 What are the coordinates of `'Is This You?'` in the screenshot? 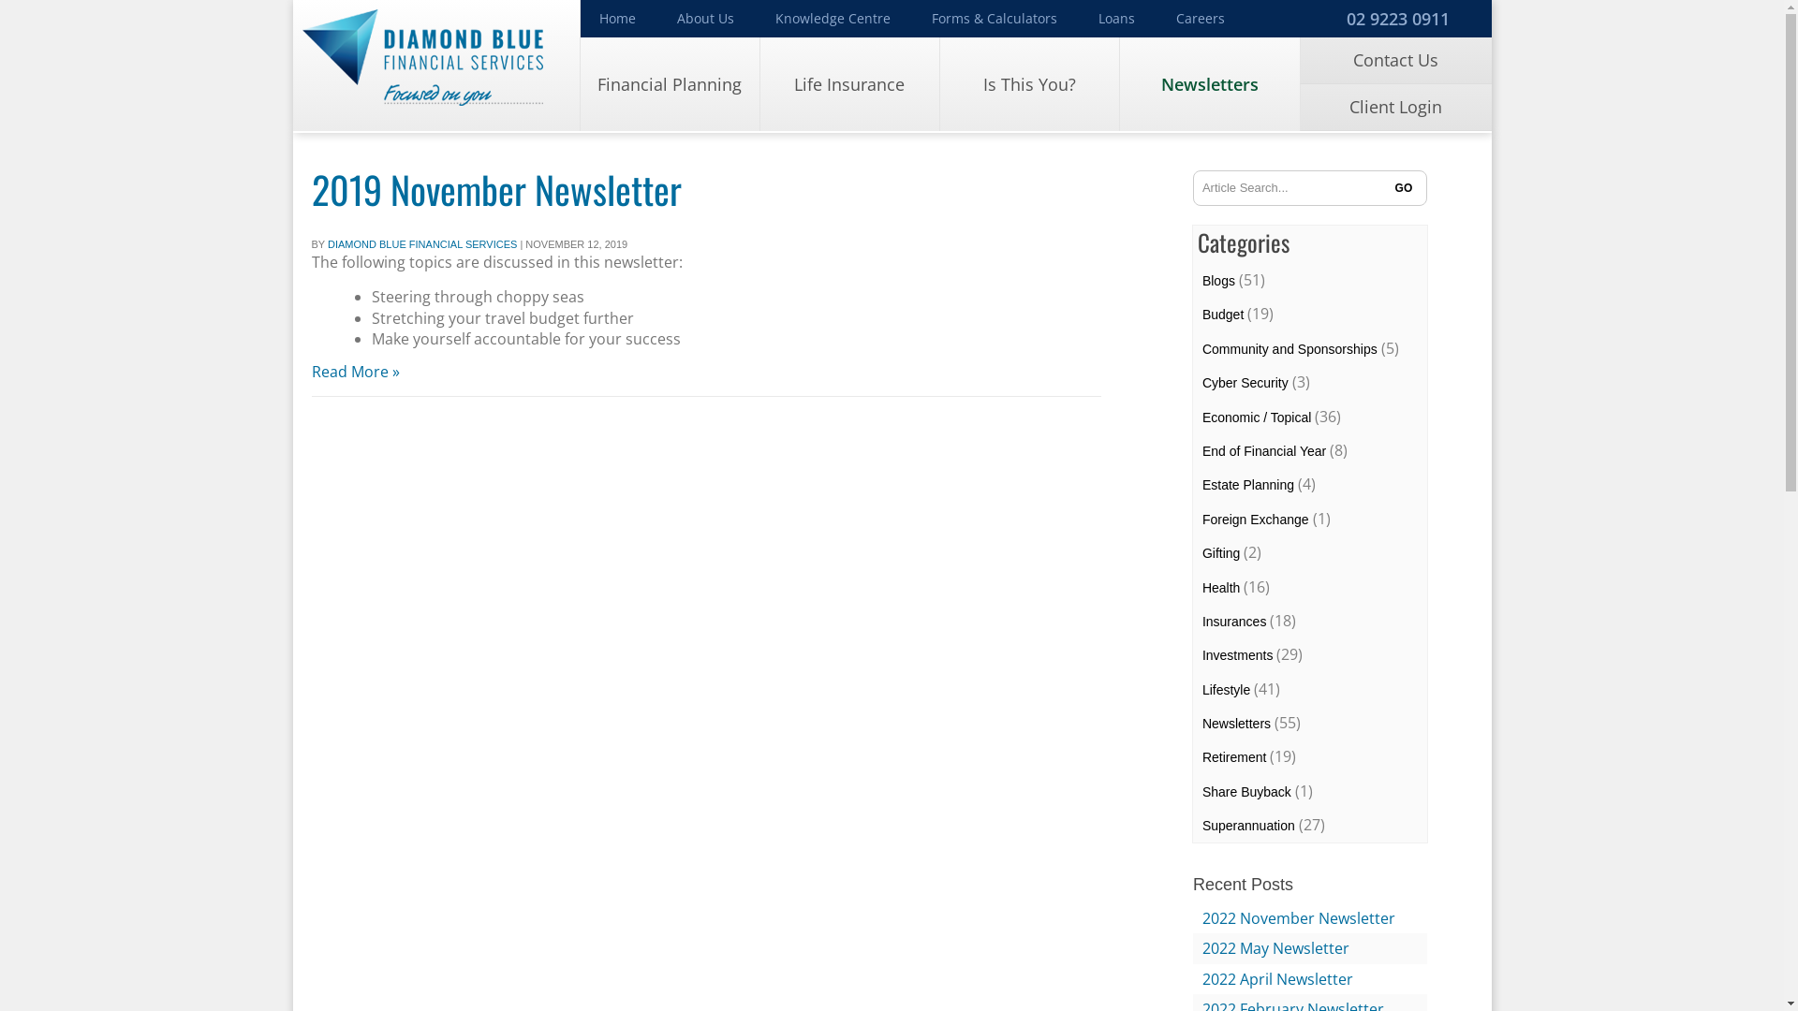 It's located at (939, 82).